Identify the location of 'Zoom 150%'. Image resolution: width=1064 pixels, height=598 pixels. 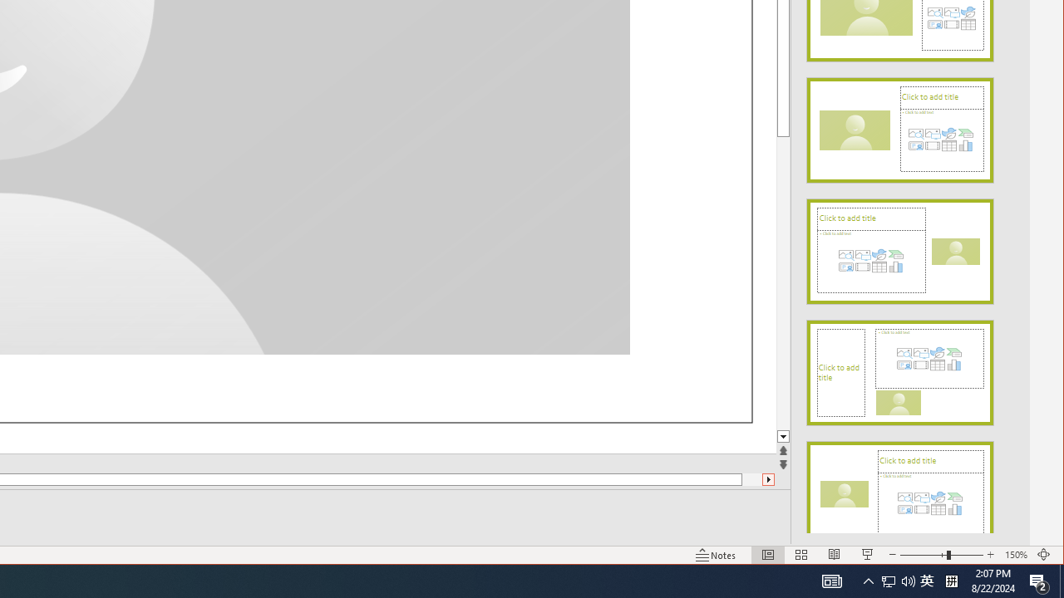
(1015, 555).